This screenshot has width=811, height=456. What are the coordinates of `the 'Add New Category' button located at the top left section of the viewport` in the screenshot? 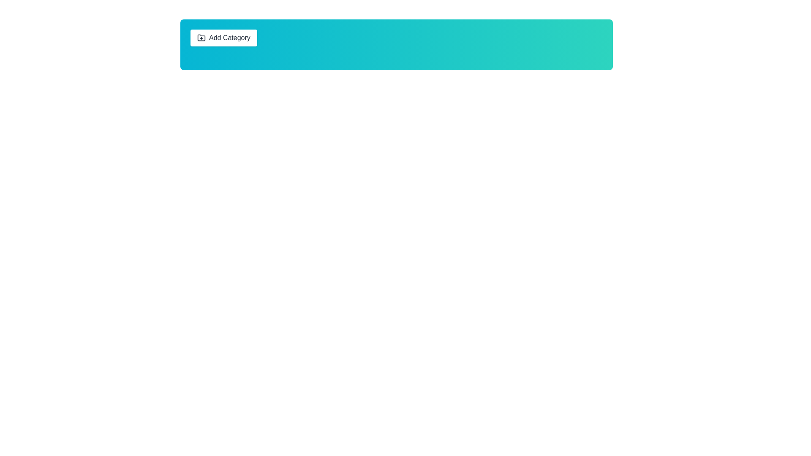 It's located at (223, 37).